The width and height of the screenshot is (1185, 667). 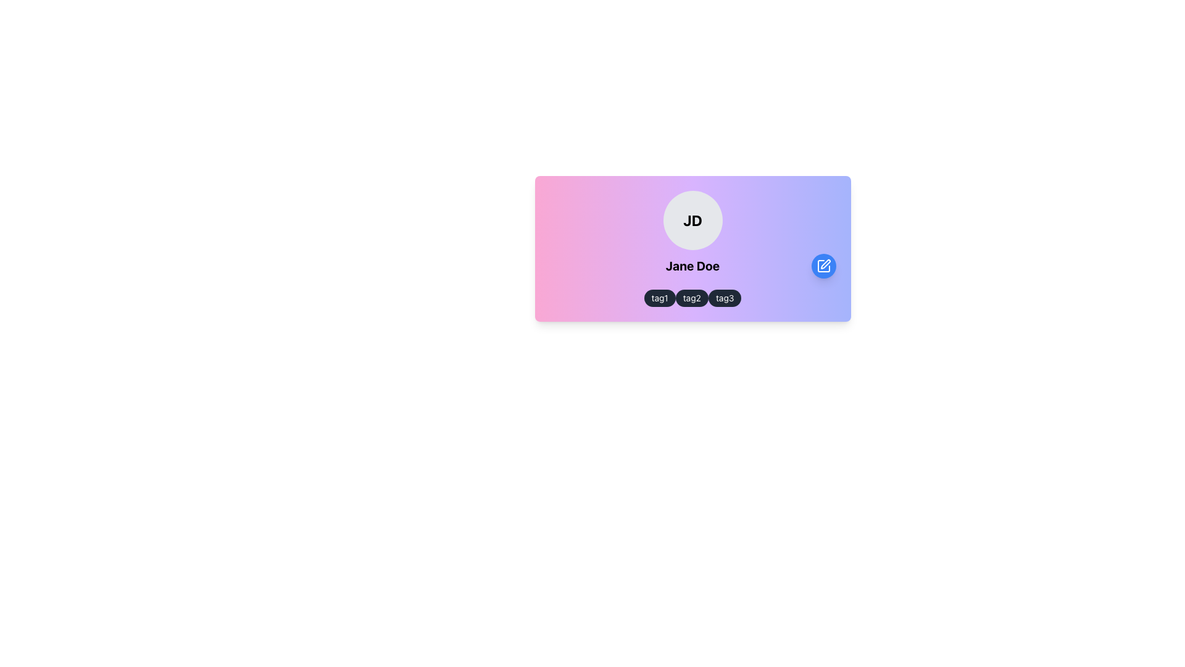 I want to click on the non-interactive text label with dark gray background displaying 'tag2', which is the second tag in a horizontal sequence below the user information, so click(x=692, y=298).